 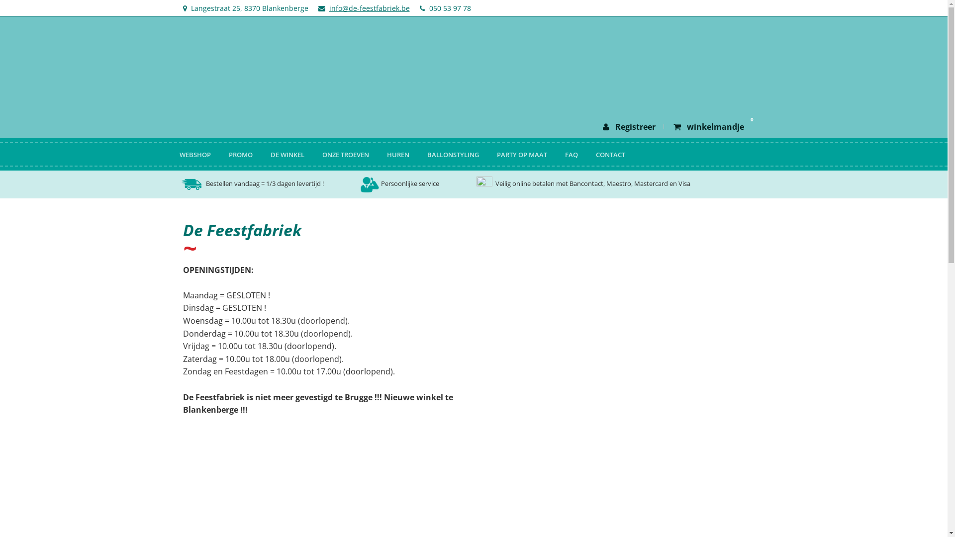 What do you see at coordinates (452, 155) in the screenshot?
I see `'BALLONSTYLING'` at bounding box center [452, 155].